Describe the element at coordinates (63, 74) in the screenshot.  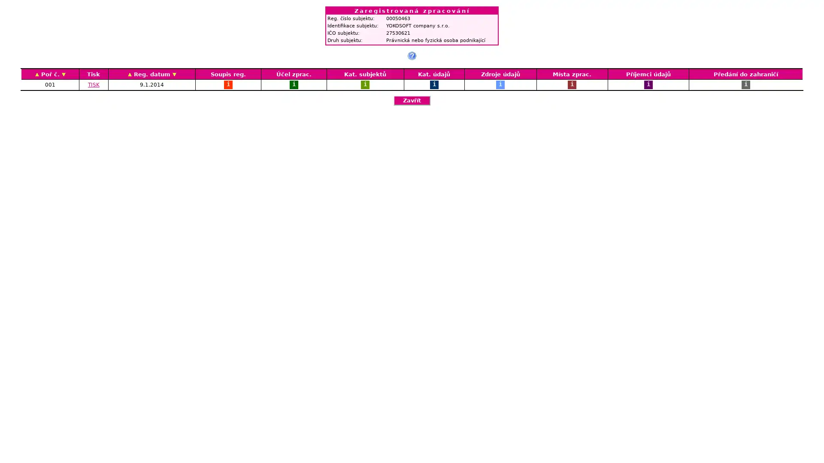
I see `ZA` at that location.